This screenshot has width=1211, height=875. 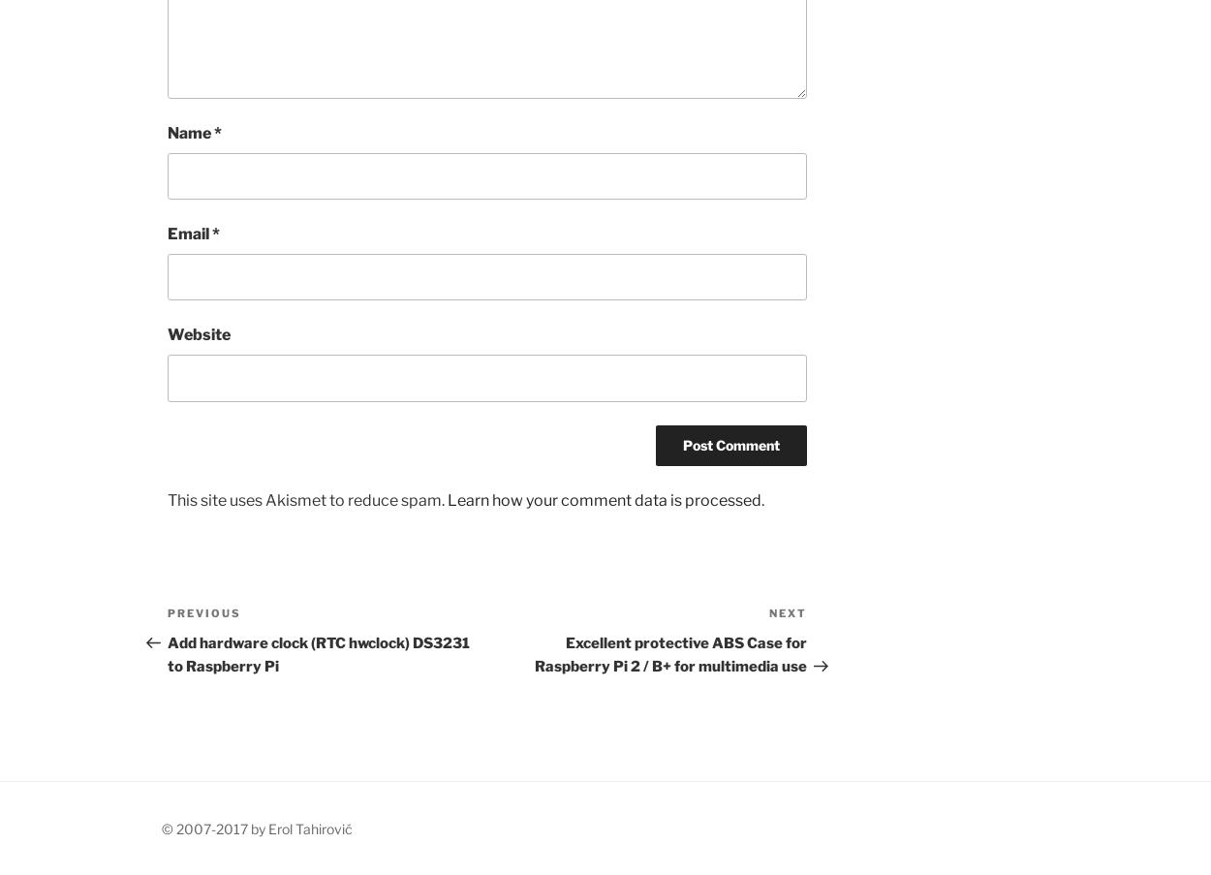 I want to click on 'Add hardware clock (RTC hwclock) DS3231 to Raspberry Pi', so click(x=168, y=653).